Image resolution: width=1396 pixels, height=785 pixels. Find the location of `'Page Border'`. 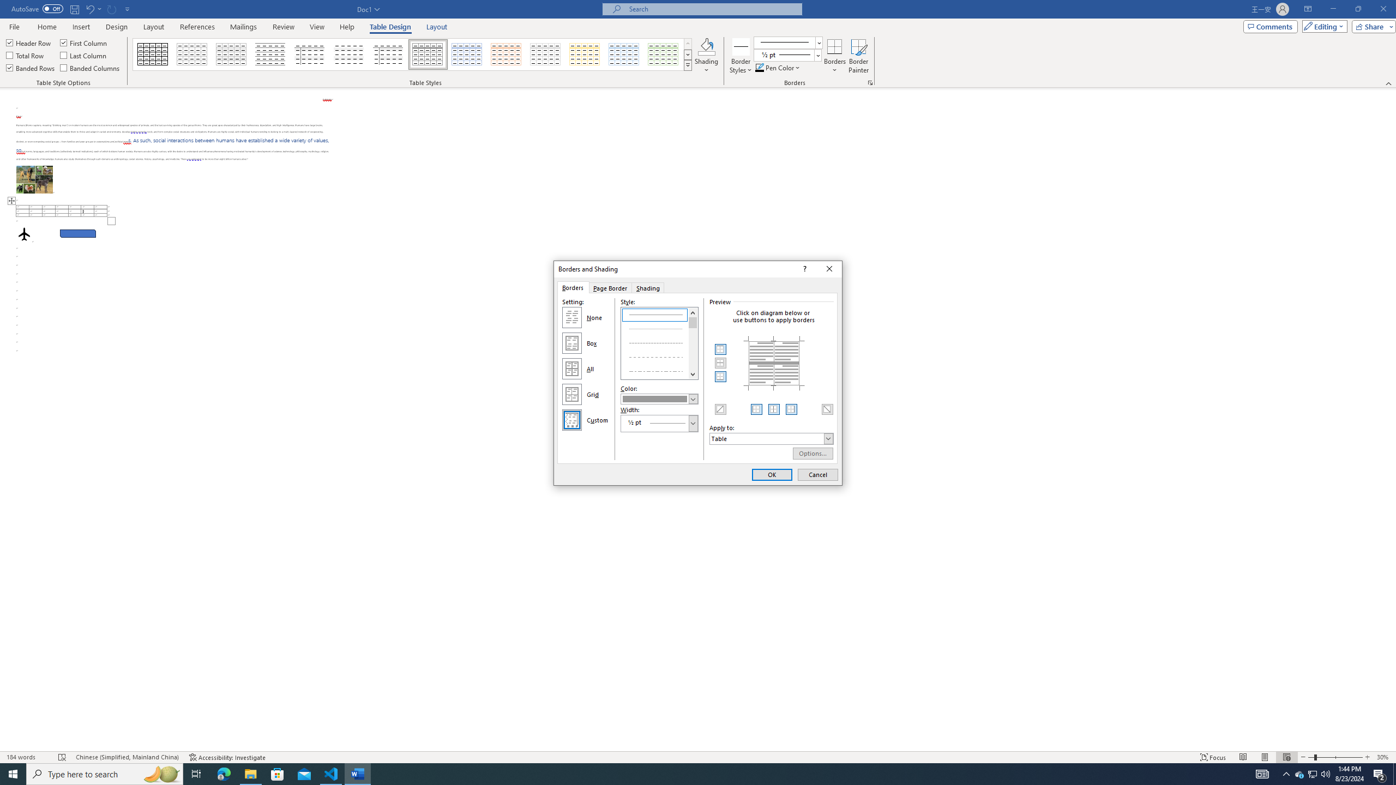

'Page Border' is located at coordinates (609, 287).